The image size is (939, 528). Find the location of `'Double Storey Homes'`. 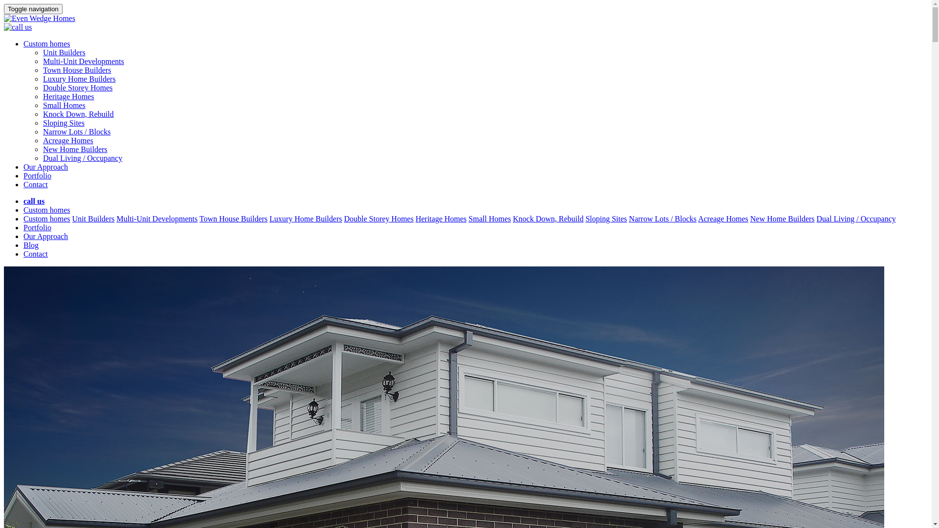

'Double Storey Homes' is located at coordinates (378, 218).